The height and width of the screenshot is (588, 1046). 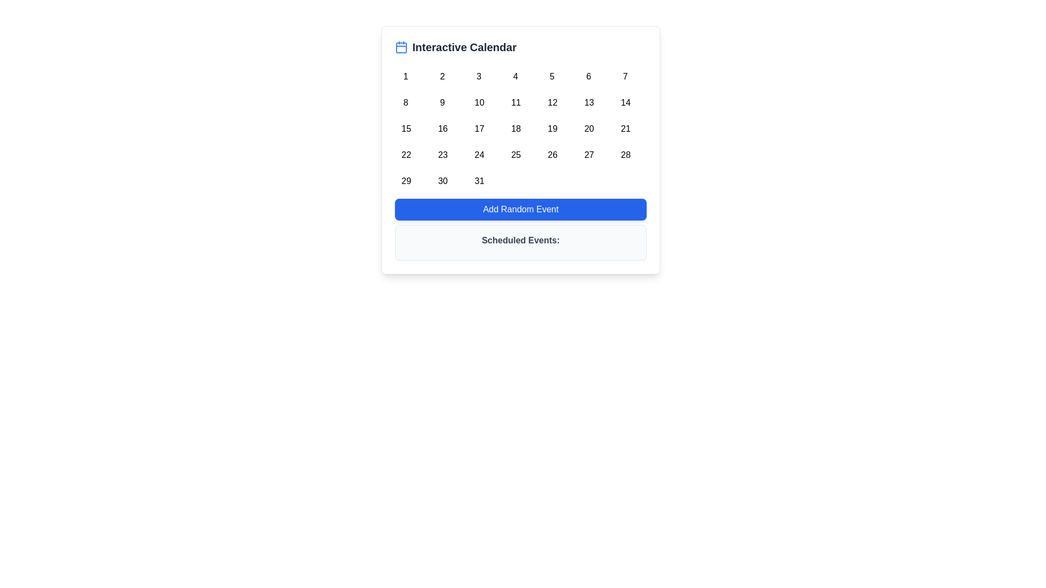 I want to click on the square button with rounded corners displaying the text '26', so click(x=552, y=153).